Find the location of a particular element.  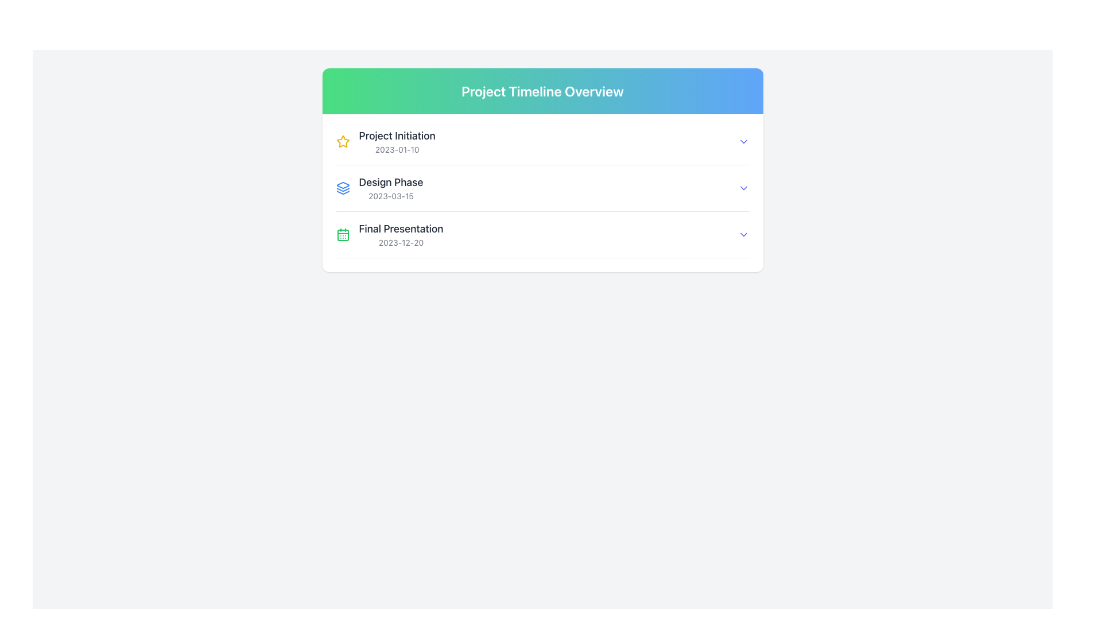

the text display element showing 'Project Initiation' and '2023-01-10' is located at coordinates (397, 141).